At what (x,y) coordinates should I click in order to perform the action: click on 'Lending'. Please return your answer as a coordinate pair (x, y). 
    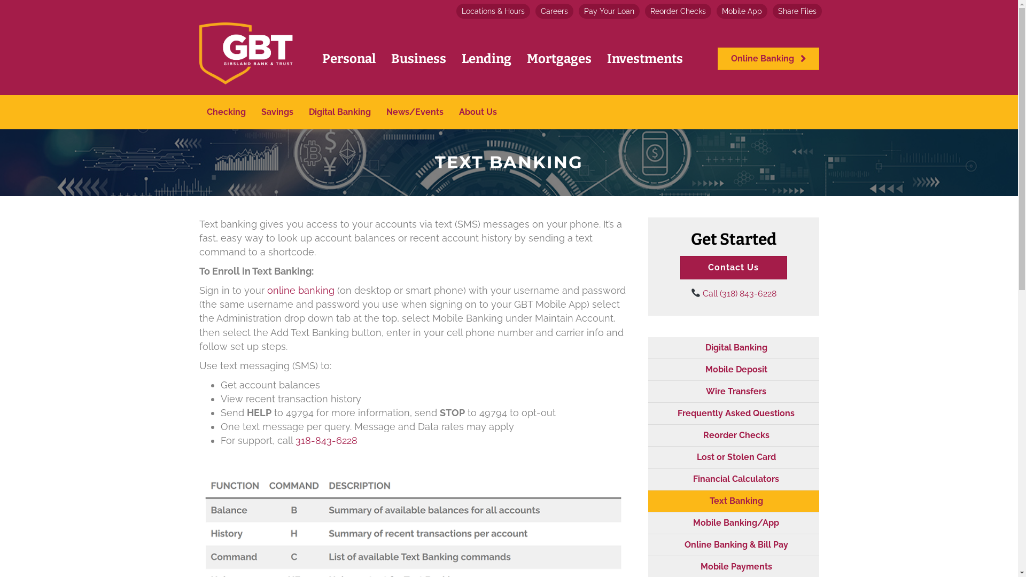
    Looking at the image, I should click on (486, 59).